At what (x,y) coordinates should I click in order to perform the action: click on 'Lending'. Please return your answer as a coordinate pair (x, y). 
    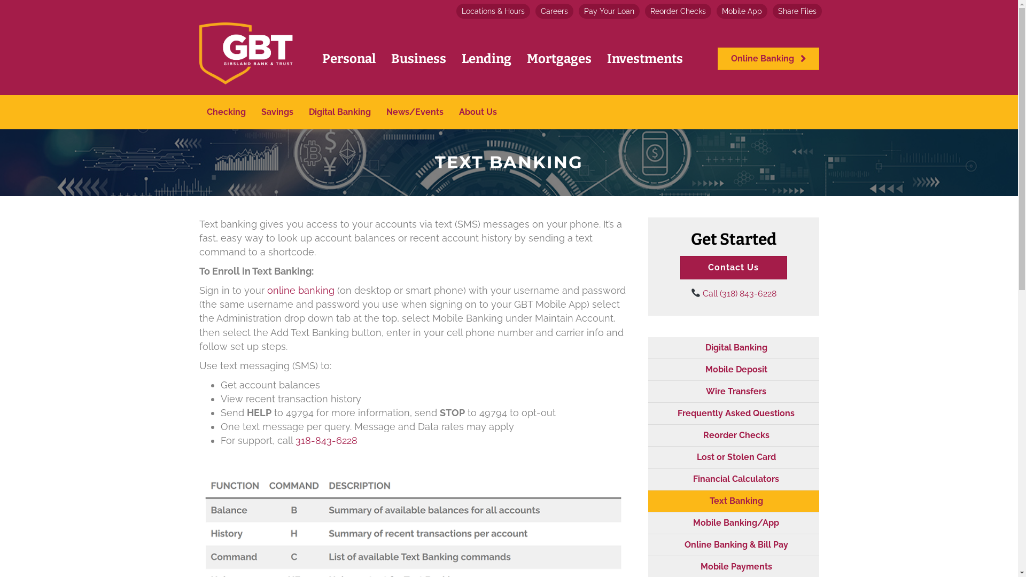
    Looking at the image, I should click on (486, 59).